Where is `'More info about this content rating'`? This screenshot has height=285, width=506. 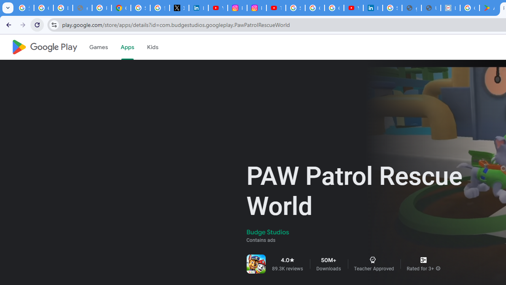 'More info about this content rating' is located at coordinates (438, 268).